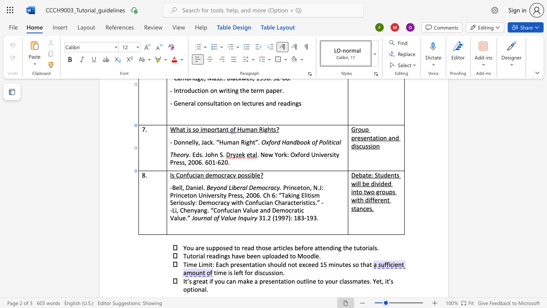 The image size is (547, 308). What do you see at coordinates (251, 217) in the screenshot?
I see `the space between the continuous character "i" and "r" in the text` at bounding box center [251, 217].